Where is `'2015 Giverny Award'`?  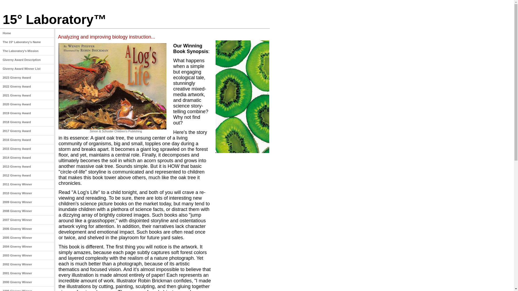
'2015 Giverny Award' is located at coordinates (27, 149).